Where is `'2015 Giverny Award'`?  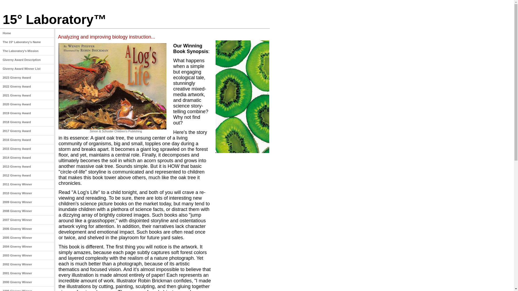
'2015 Giverny Award' is located at coordinates (27, 149).